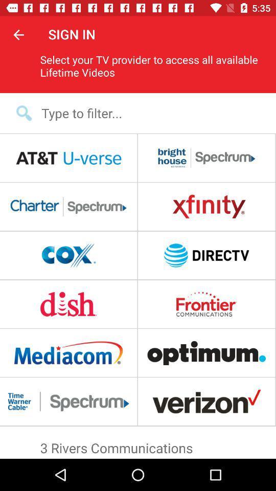 This screenshot has height=491, width=276. Describe the element at coordinates (18, 34) in the screenshot. I see `the item above select your tv` at that location.